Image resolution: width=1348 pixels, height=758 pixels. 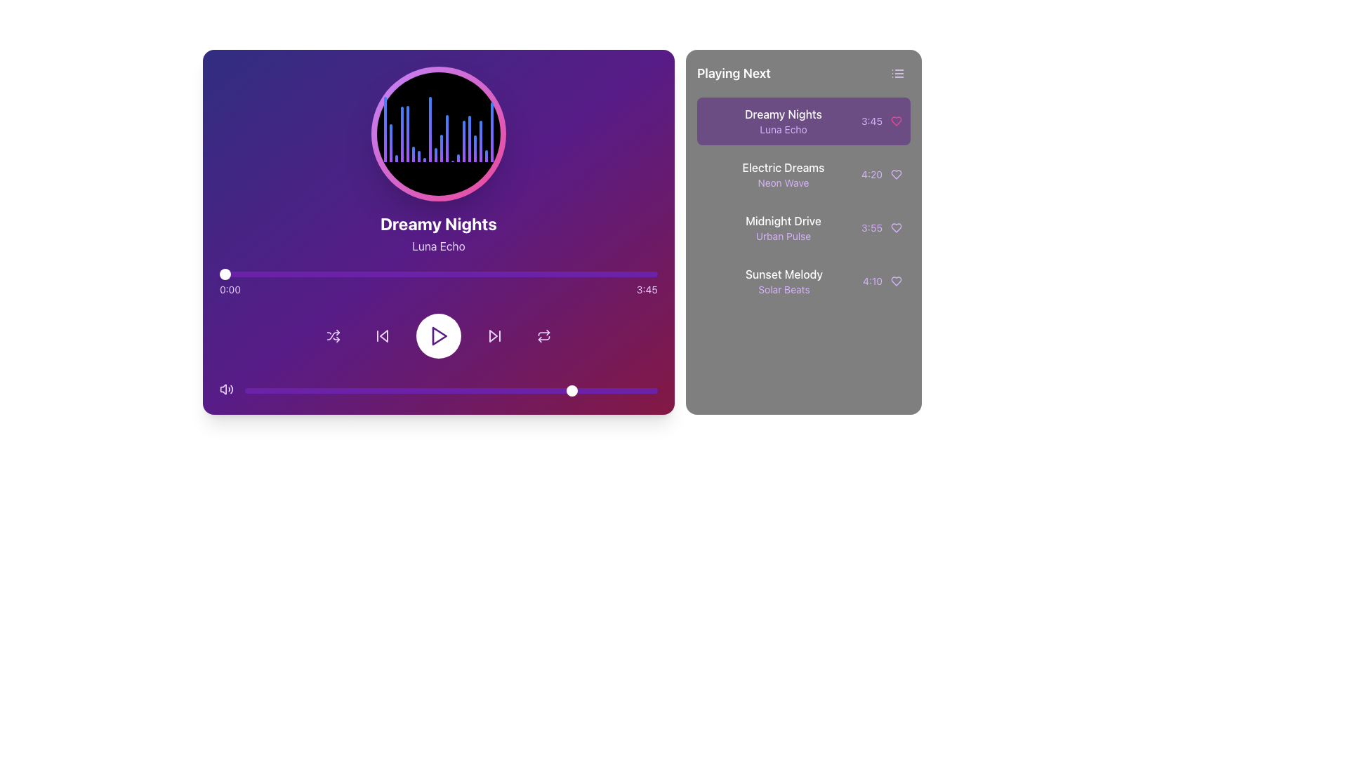 What do you see at coordinates (298, 390) in the screenshot?
I see `slider value` at bounding box center [298, 390].